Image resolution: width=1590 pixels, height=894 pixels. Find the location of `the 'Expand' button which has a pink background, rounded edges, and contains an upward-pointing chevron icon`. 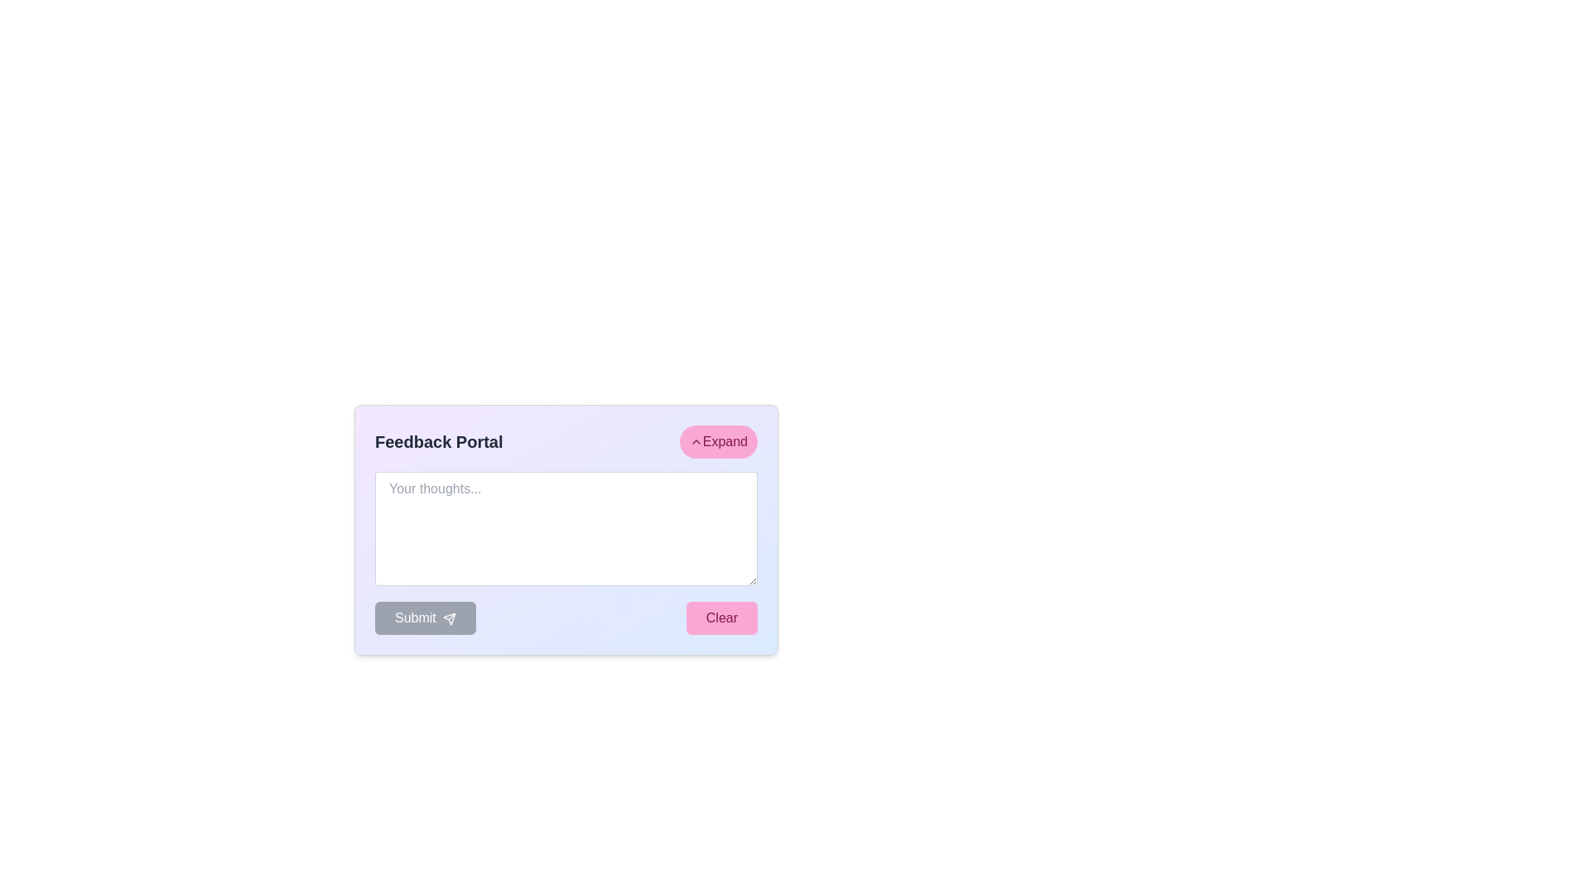

the 'Expand' button which has a pink background, rounded edges, and contains an upward-pointing chevron icon is located at coordinates (718, 440).